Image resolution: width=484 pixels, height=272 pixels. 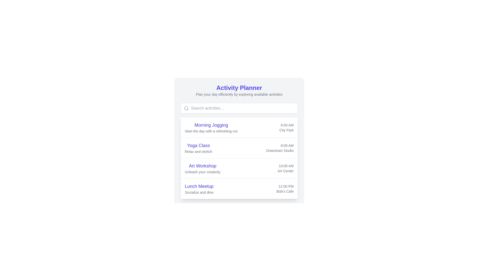 I want to click on the static text displaying 'Socialize and dine', which is located beneath the title 'Lunch Meetup' in the 'Activity Planner' layout, so click(x=199, y=192).